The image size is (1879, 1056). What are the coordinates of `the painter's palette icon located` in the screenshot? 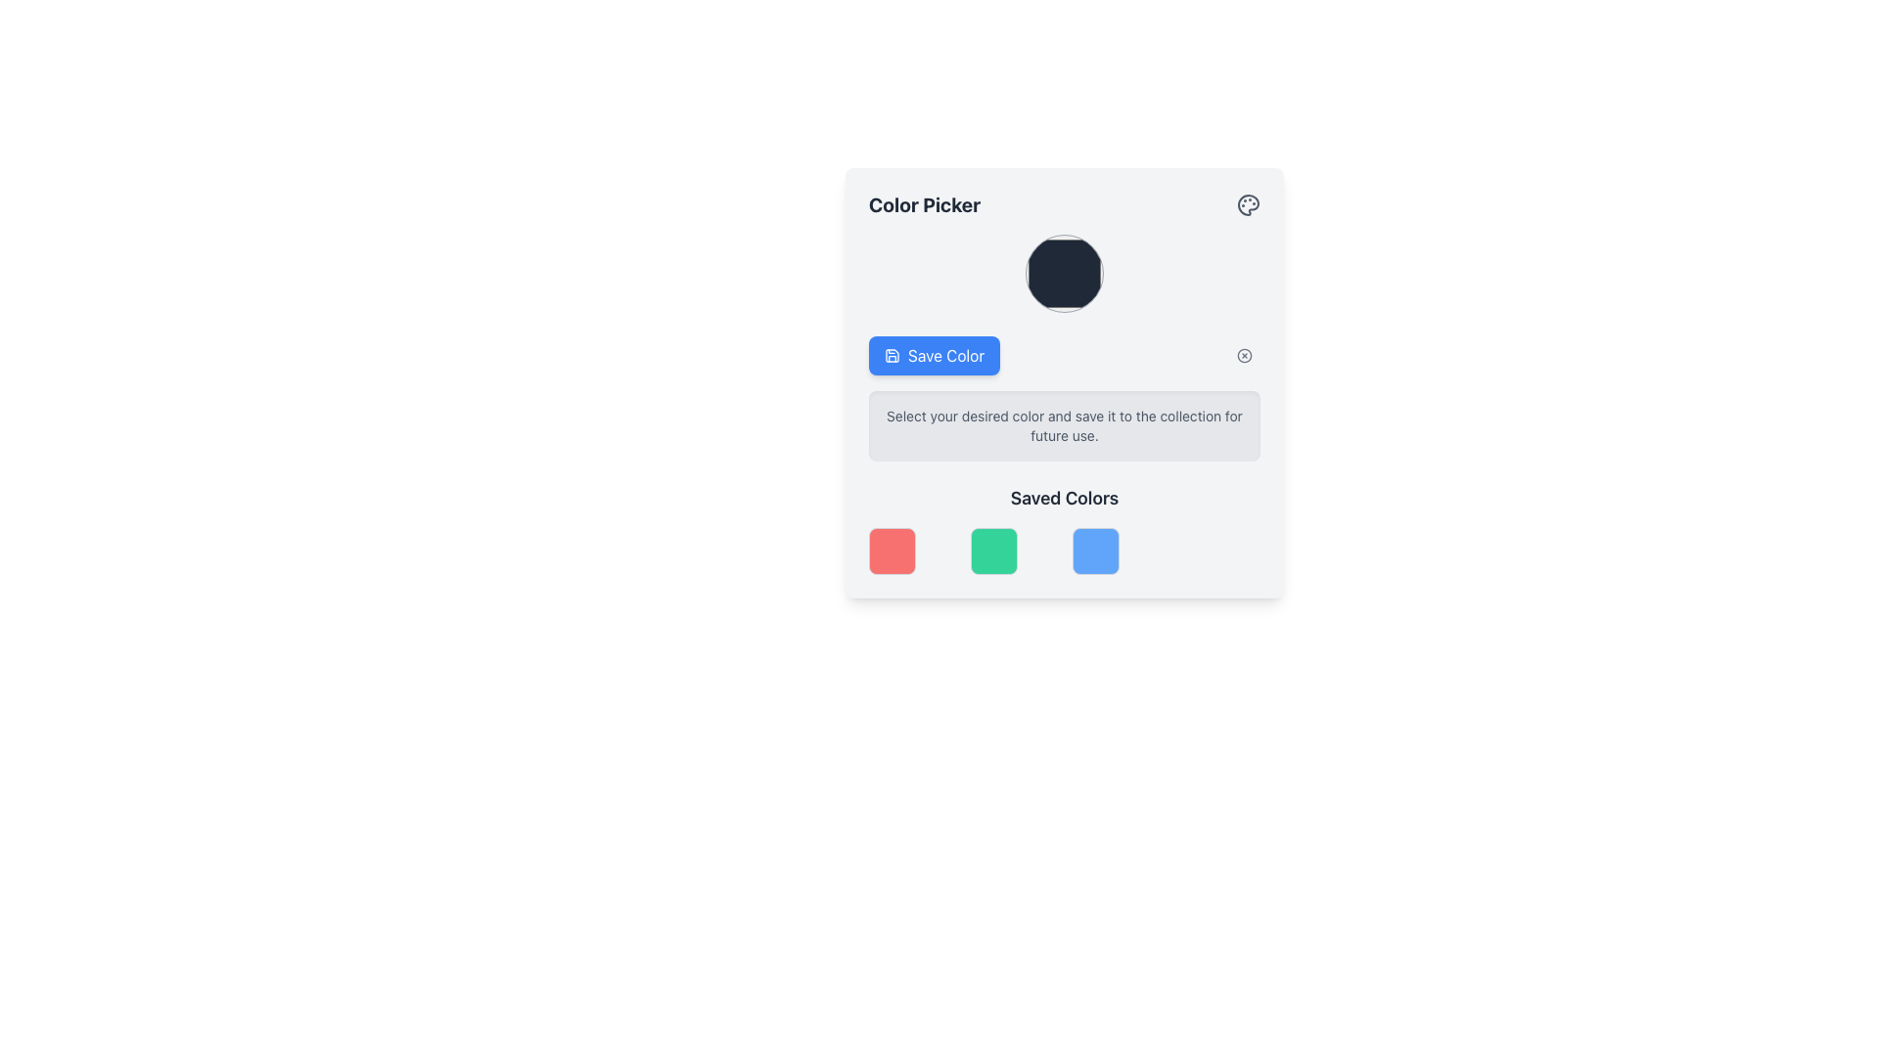 It's located at (1248, 204).